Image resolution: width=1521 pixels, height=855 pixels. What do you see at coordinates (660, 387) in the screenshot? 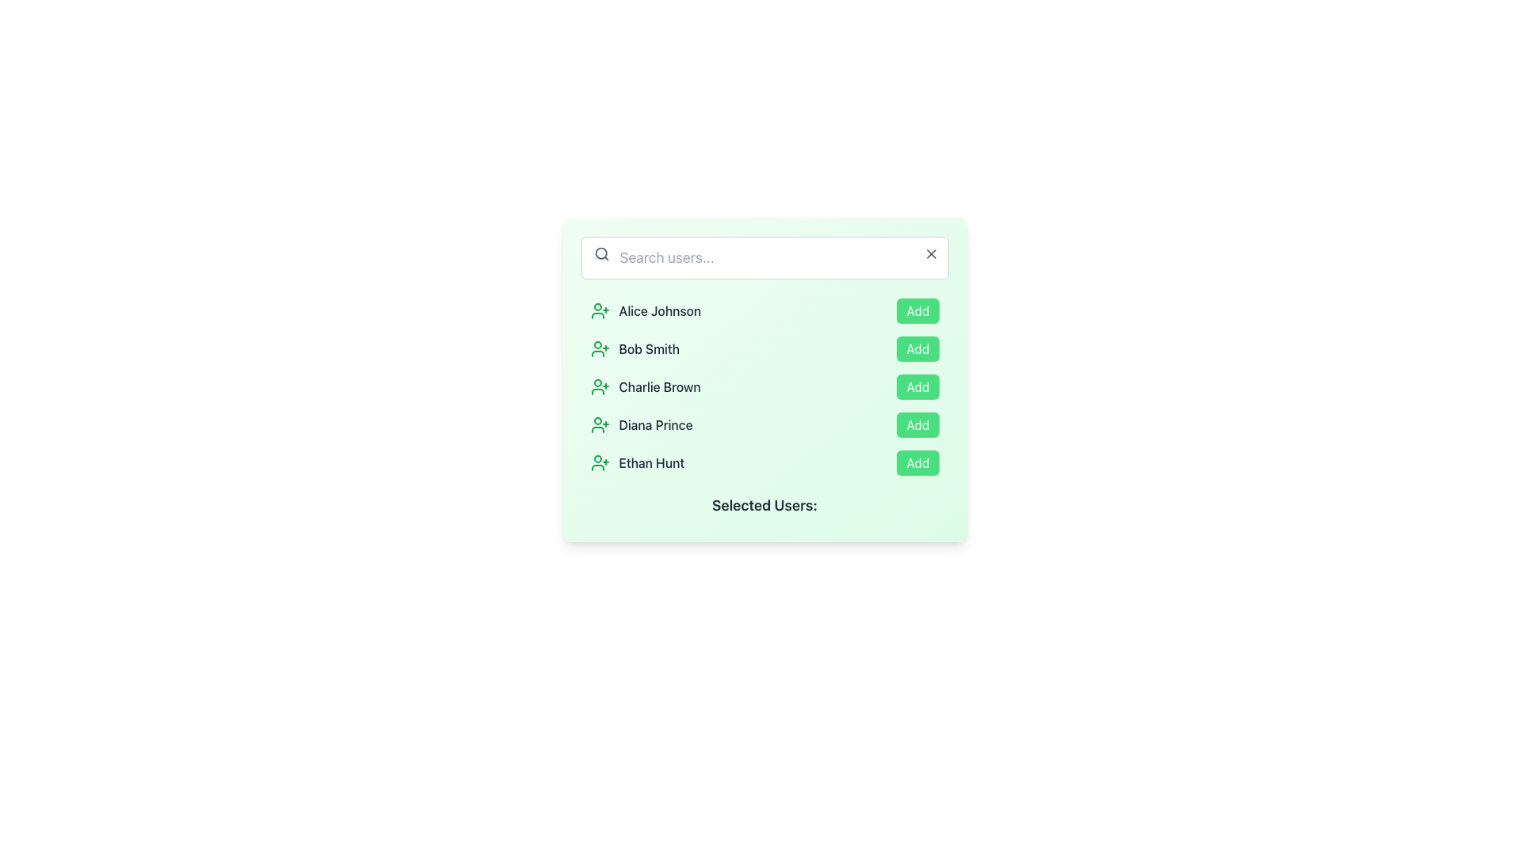
I see `the text label displaying 'Charlie Brown', which is the third user entry in the list, positioned between the user icon and the 'Add' button` at bounding box center [660, 387].